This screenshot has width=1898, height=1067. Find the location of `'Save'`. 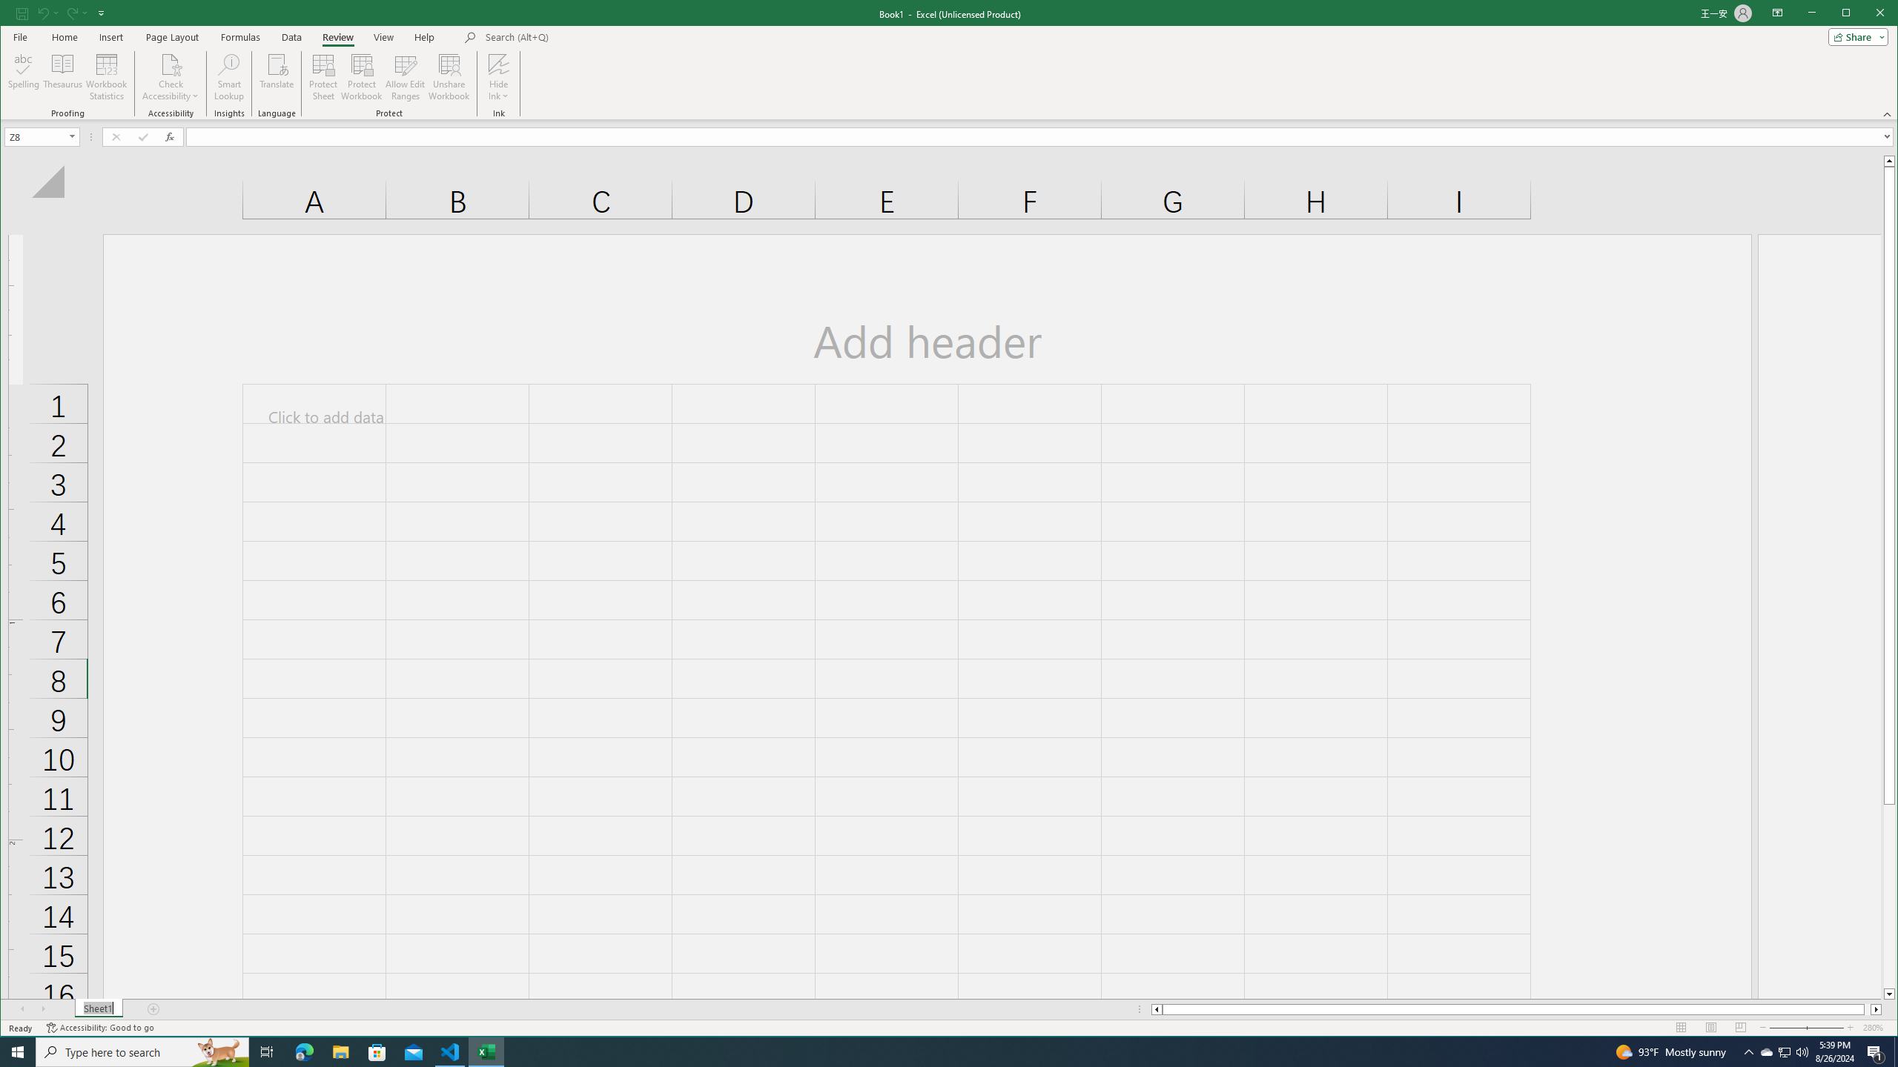

'Save' is located at coordinates (21, 12).